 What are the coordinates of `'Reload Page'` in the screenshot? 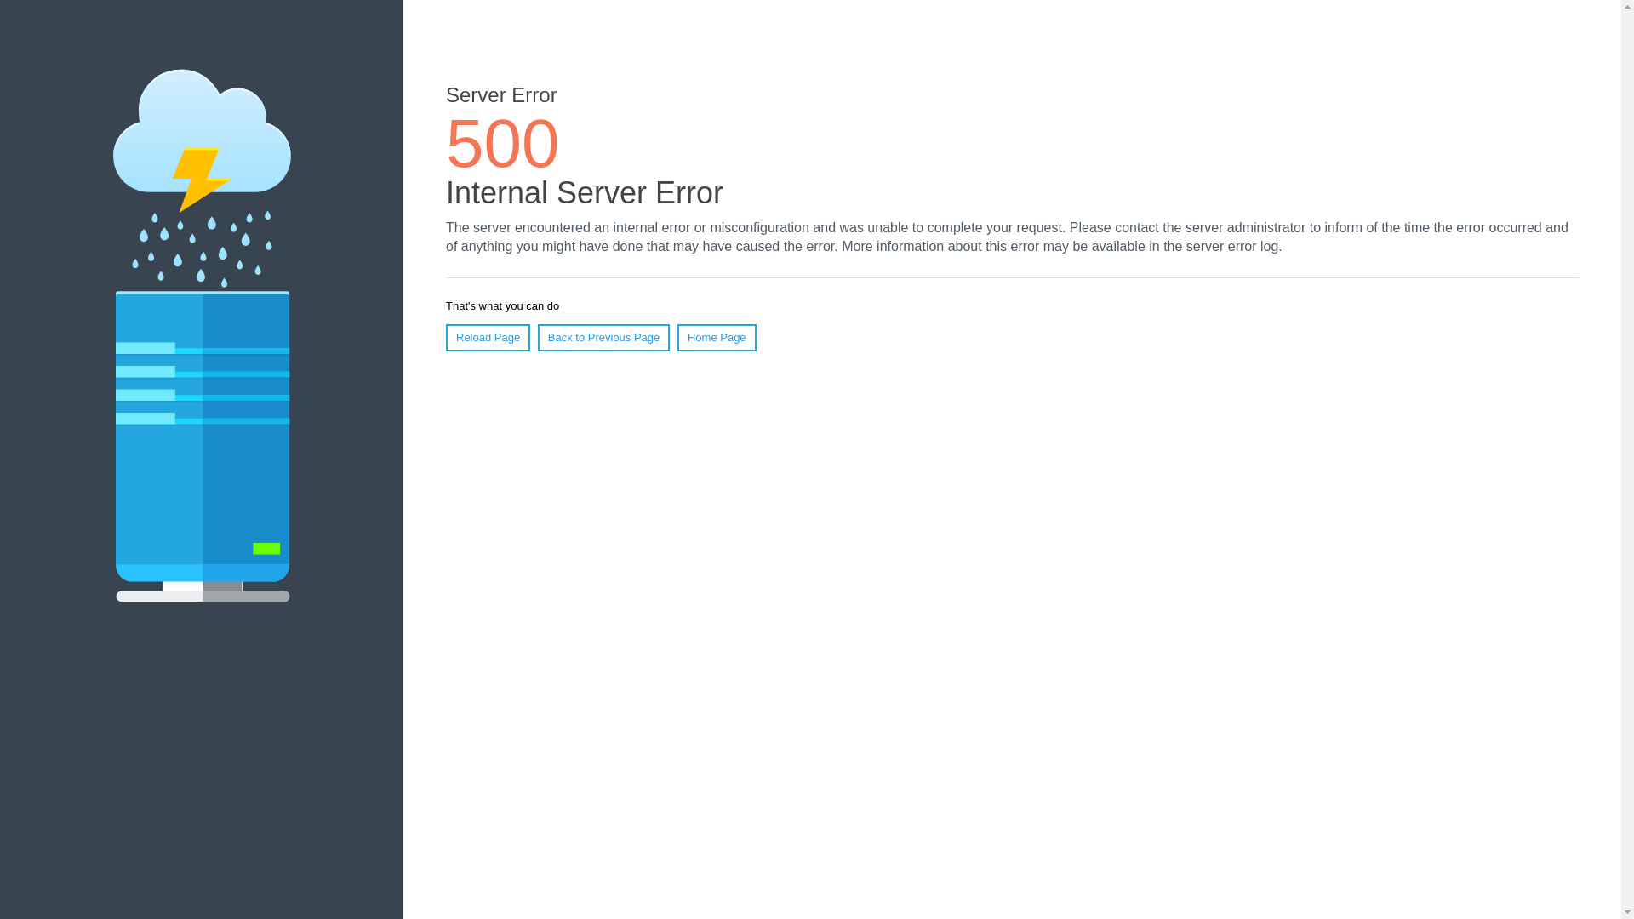 It's located at (487, 338).